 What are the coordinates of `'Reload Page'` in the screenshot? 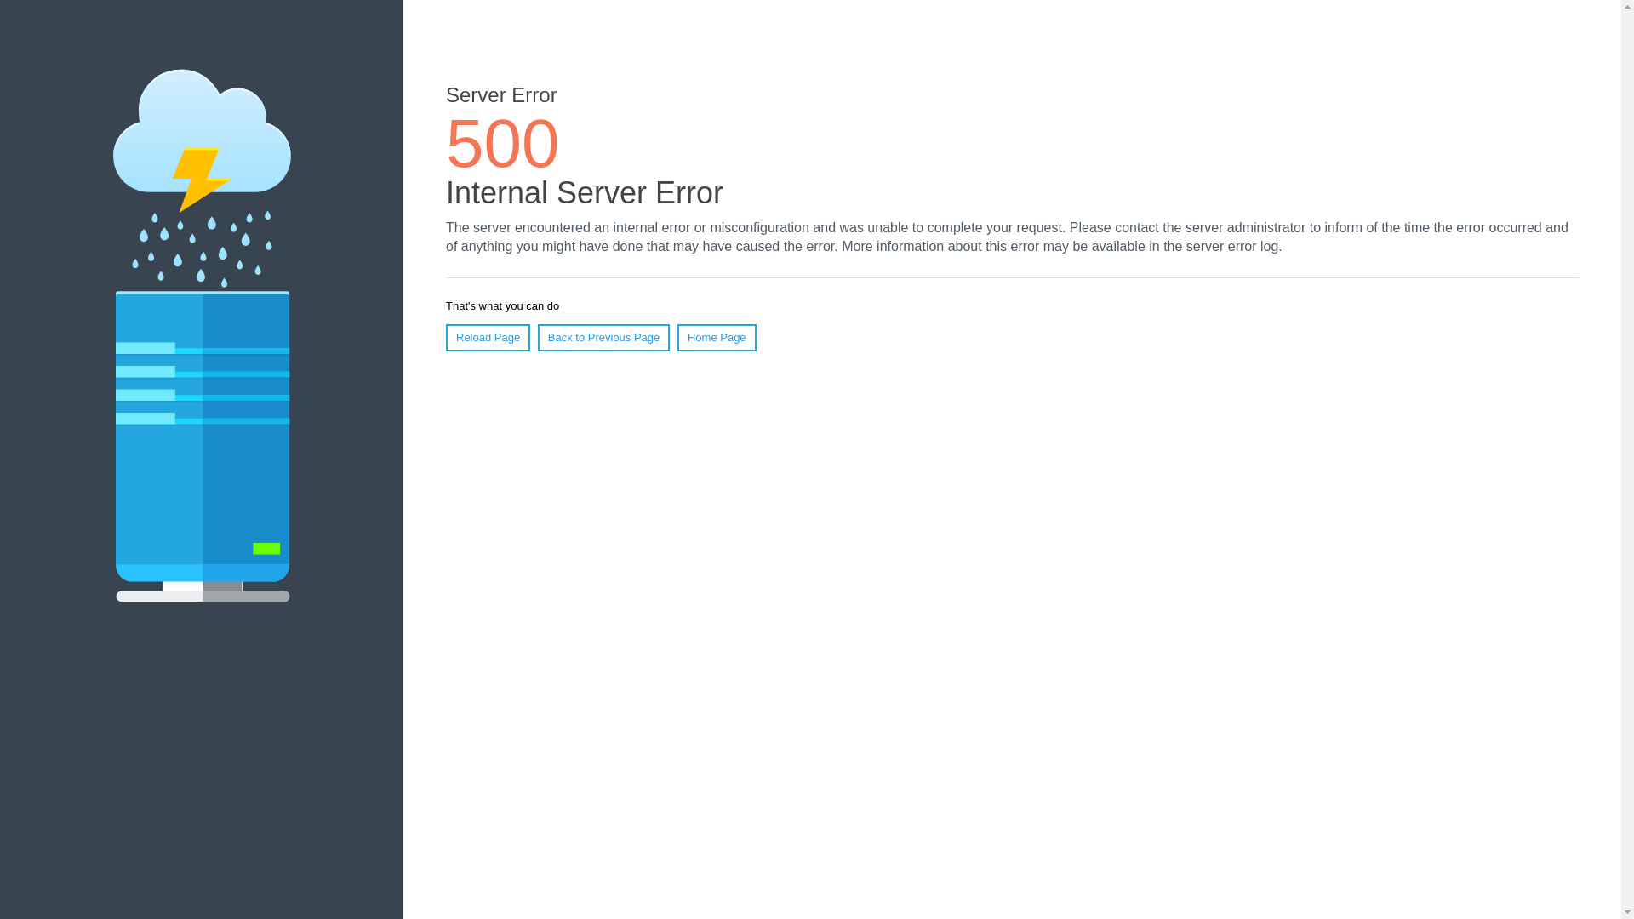 It's located at (487, 338).